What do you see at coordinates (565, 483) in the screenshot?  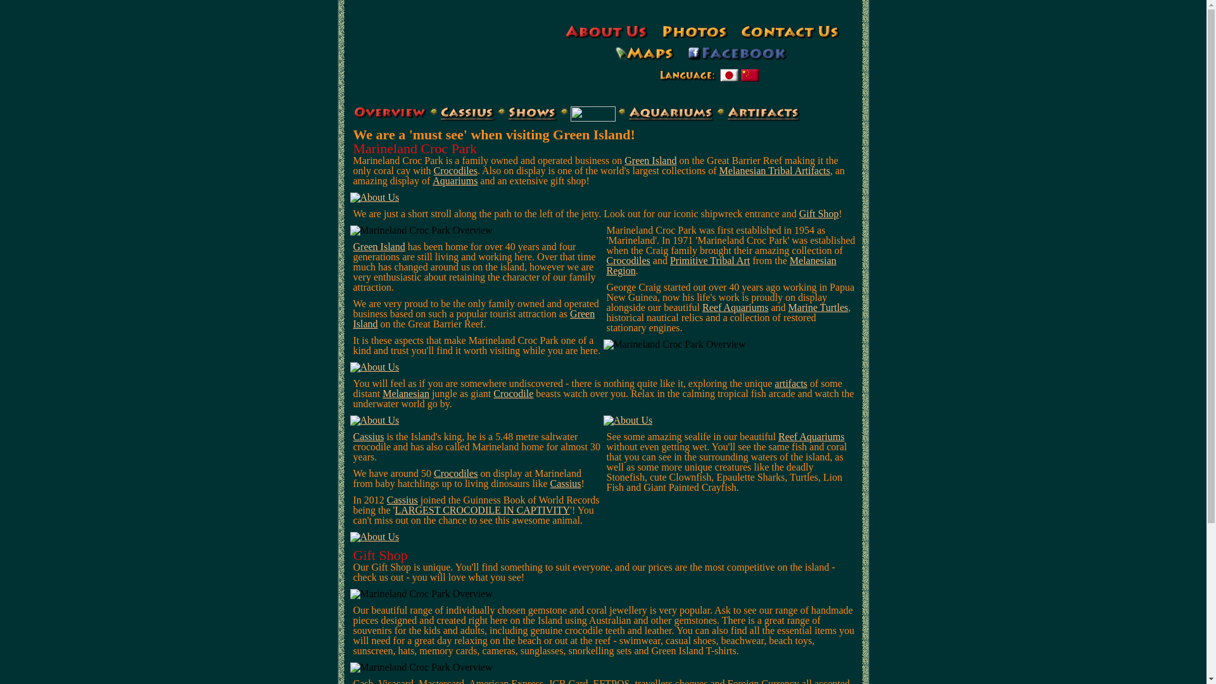 I see `'Cassius'` at bounding box center [565, 483].